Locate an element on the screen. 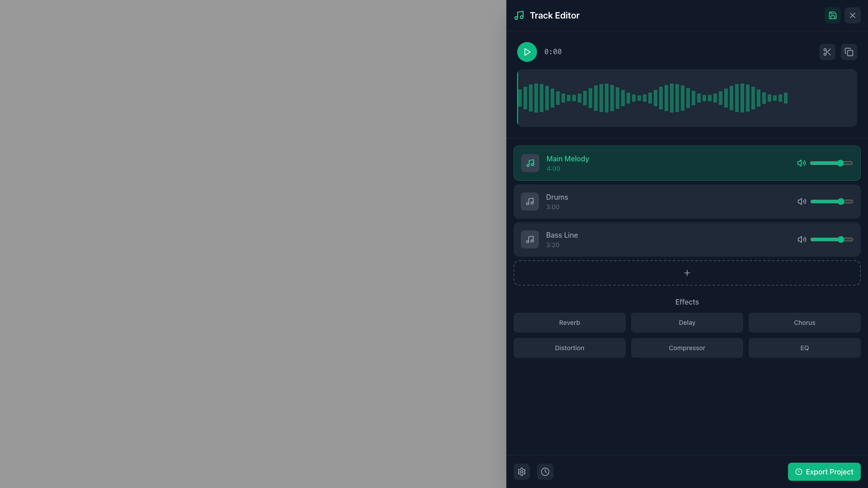  the volume slider is located at coordinates (847, 239).